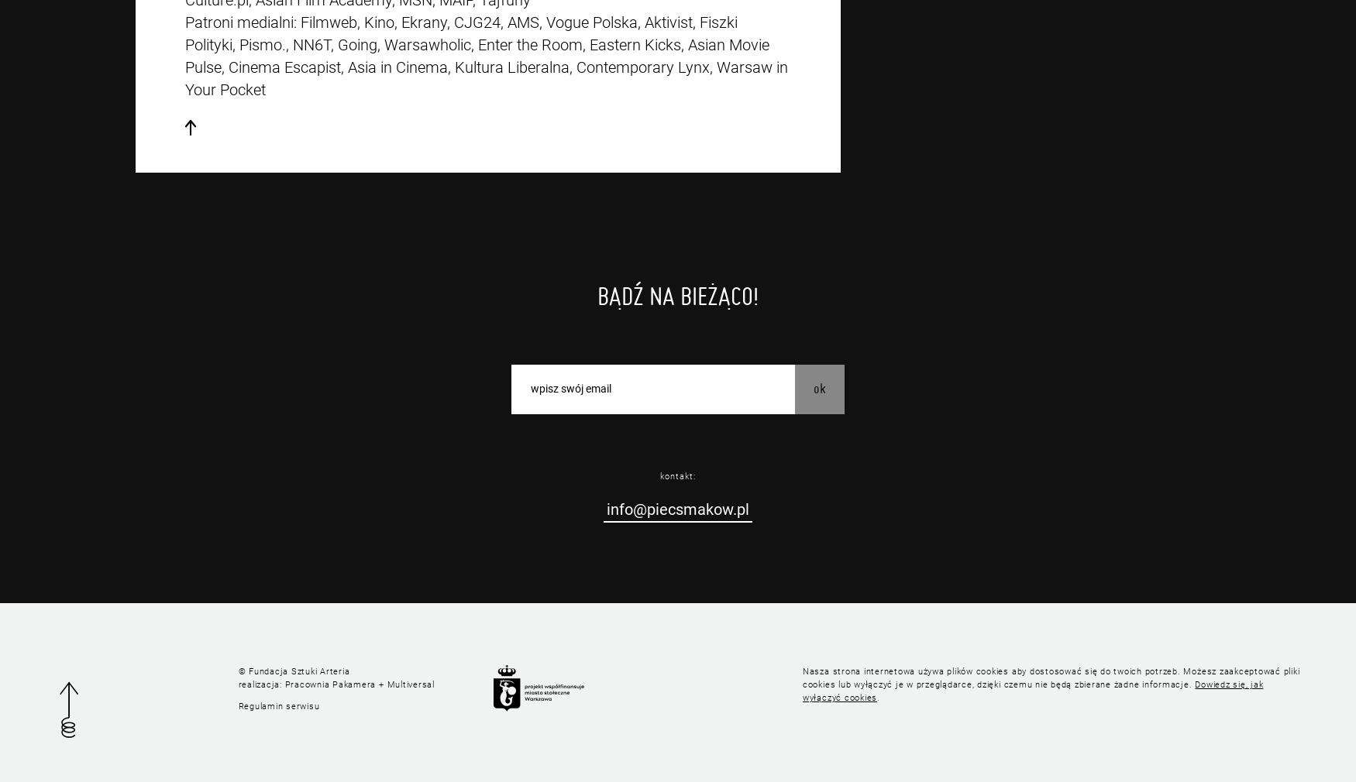 This screenshot has width=1356, height=782. Describe the element at coordinates (380, 684) in the screenshot. I see `'+'` at that location.